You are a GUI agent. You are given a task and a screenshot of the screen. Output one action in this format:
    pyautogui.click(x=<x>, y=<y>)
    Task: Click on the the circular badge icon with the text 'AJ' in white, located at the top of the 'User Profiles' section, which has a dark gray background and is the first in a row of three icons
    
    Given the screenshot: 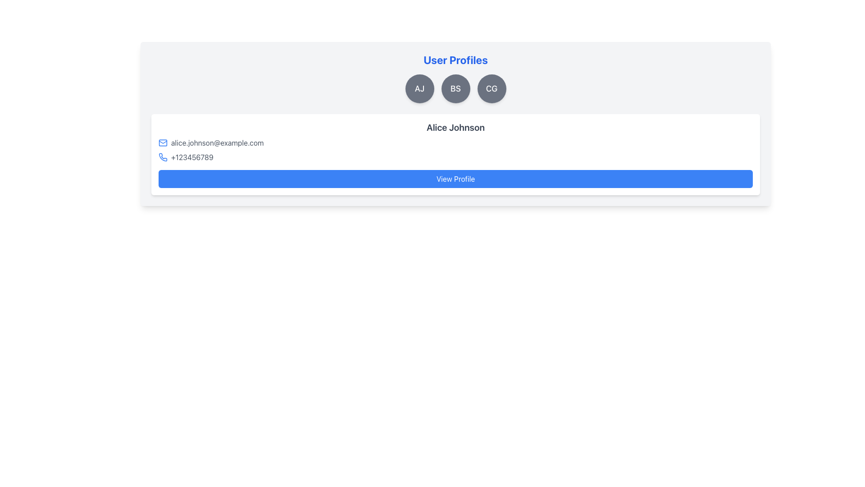 What is the action you would take?
    pyautogui.click(x=419, y=88)
    